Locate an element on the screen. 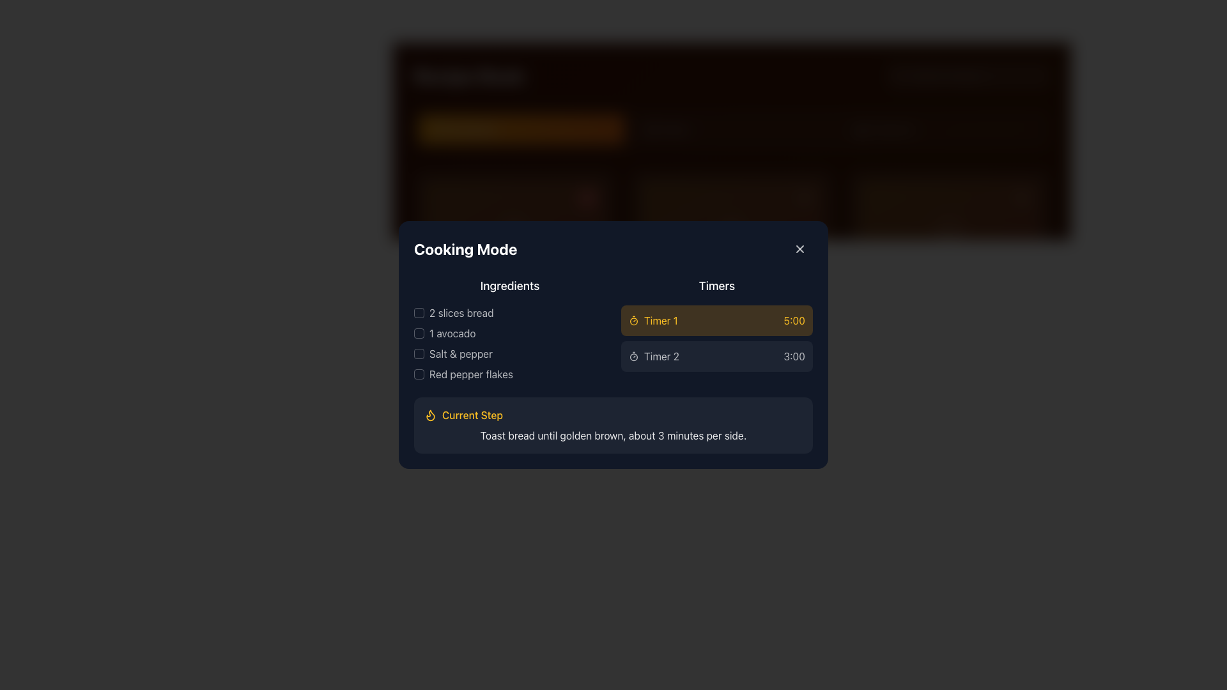 The width and height of the screenshot is (1227, 690). the visual representation of the circle element that represents the lens of a magnifying glass in the search icon located at the top-left of the header bar is located at coordinates (899, 75).